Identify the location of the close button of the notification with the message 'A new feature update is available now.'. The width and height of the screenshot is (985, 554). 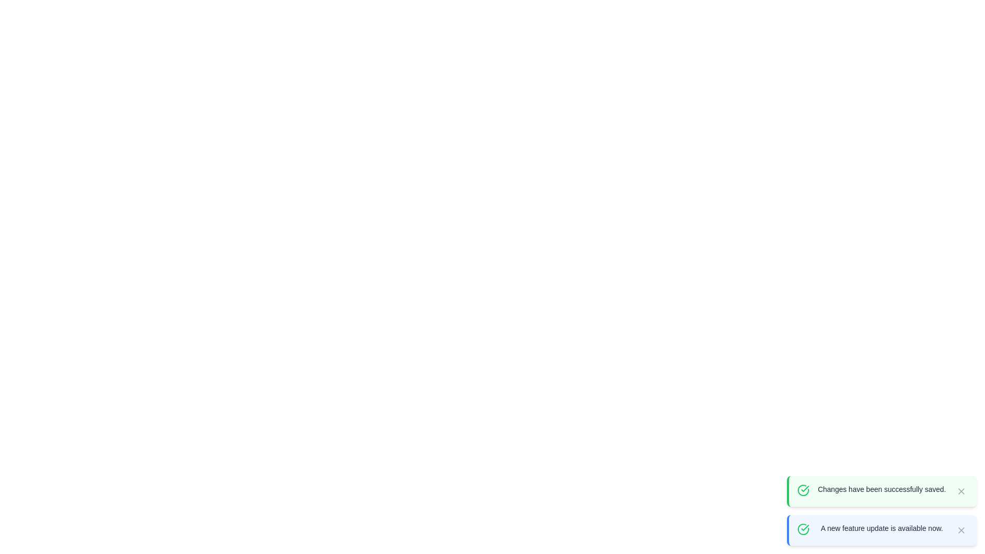
(960, 530).